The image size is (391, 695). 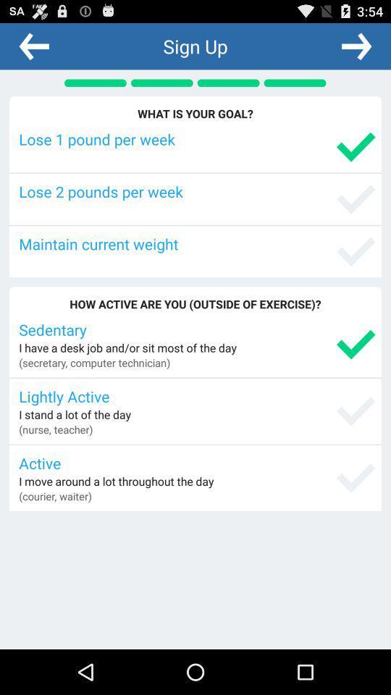 I want to click on go forward, so click(x=356, y=46).